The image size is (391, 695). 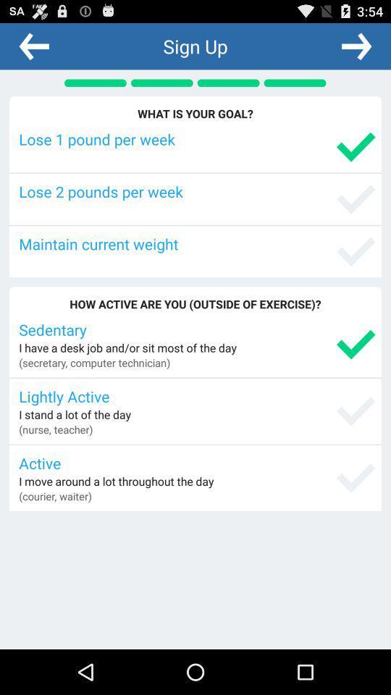 I want to click on go forward, so click(x=356, y=46).